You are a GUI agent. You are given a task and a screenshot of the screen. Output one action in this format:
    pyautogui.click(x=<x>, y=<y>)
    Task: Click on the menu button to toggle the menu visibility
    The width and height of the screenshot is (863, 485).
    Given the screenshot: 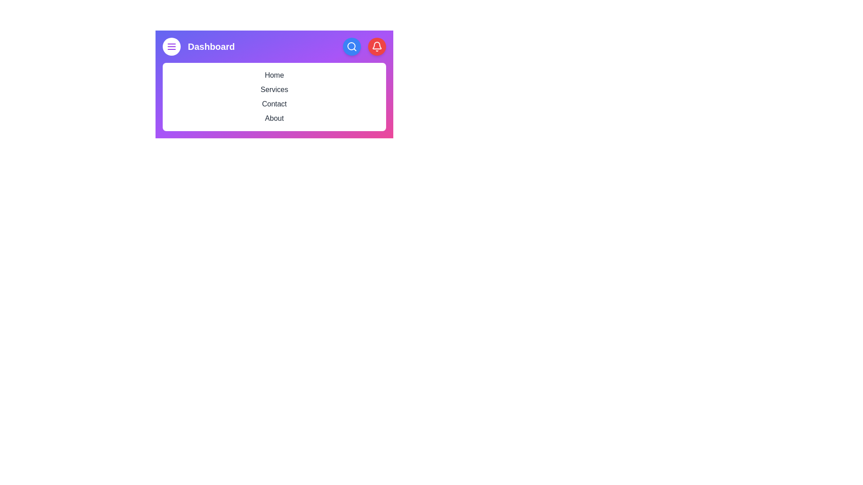 What is the action you would take?
    pyautogui.click(x=172, y=47)
    